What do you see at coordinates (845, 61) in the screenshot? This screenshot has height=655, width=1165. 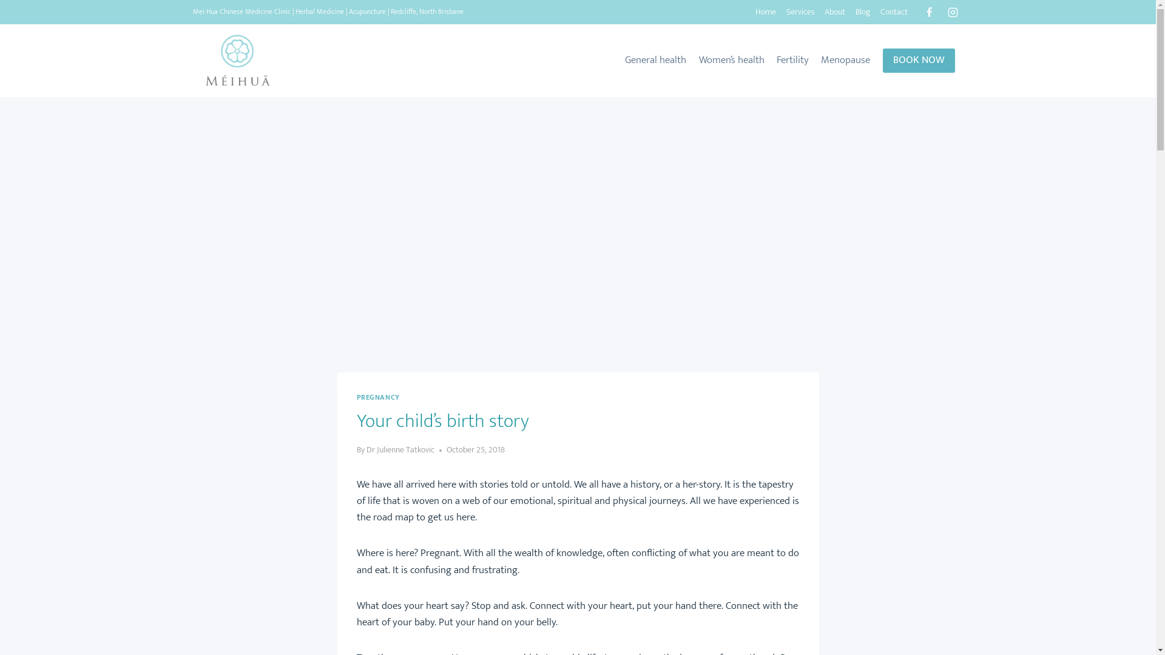 I see `'Menopause'` at bounding box center [845, 61].